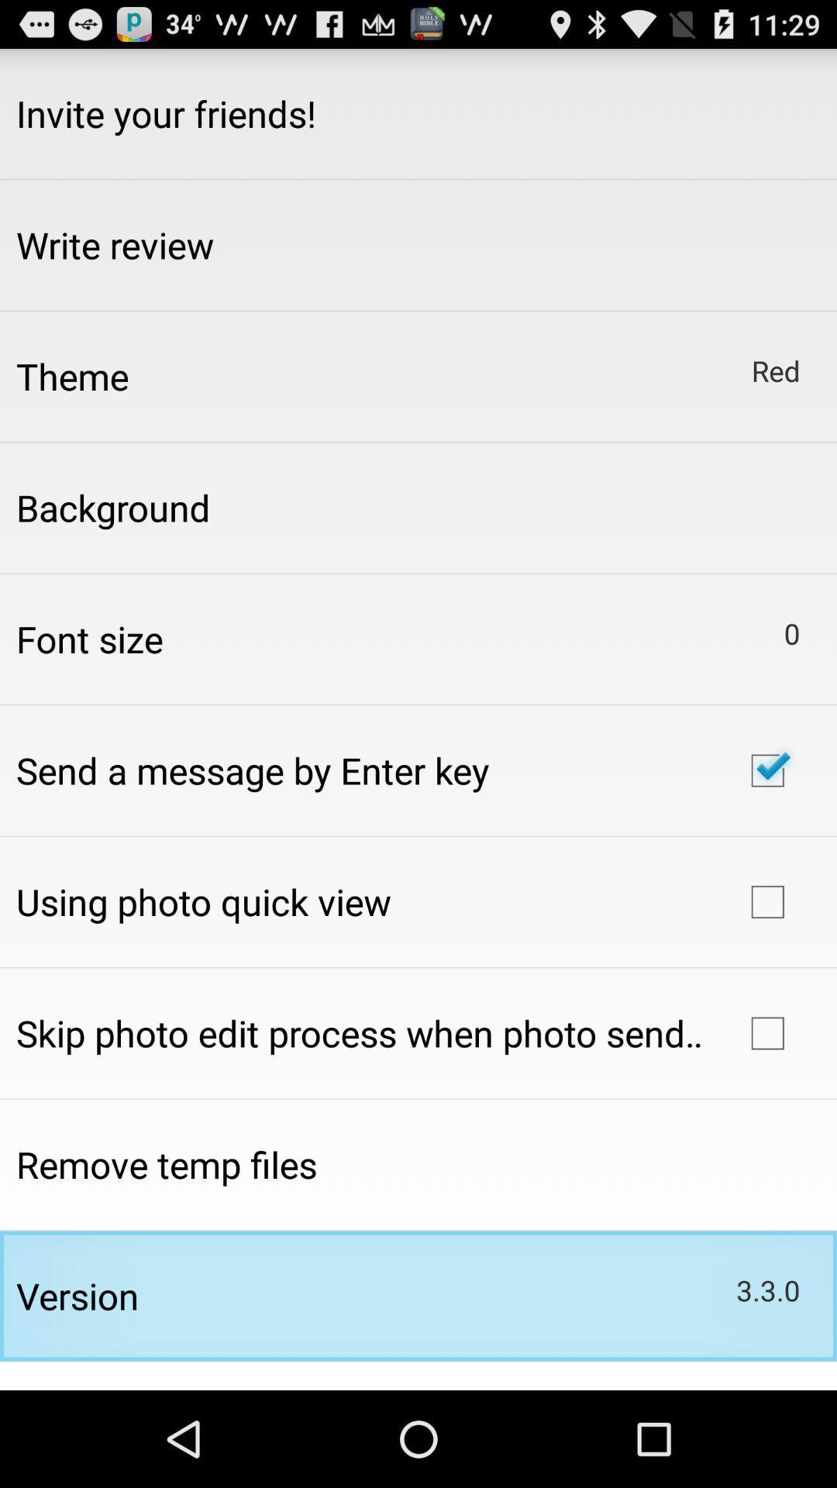 This screenshot has width=837, height=1488. What do you see at coordinates (252, 770) in the screenshot?
I see `send a message icon` at bounding box center [252, 770].